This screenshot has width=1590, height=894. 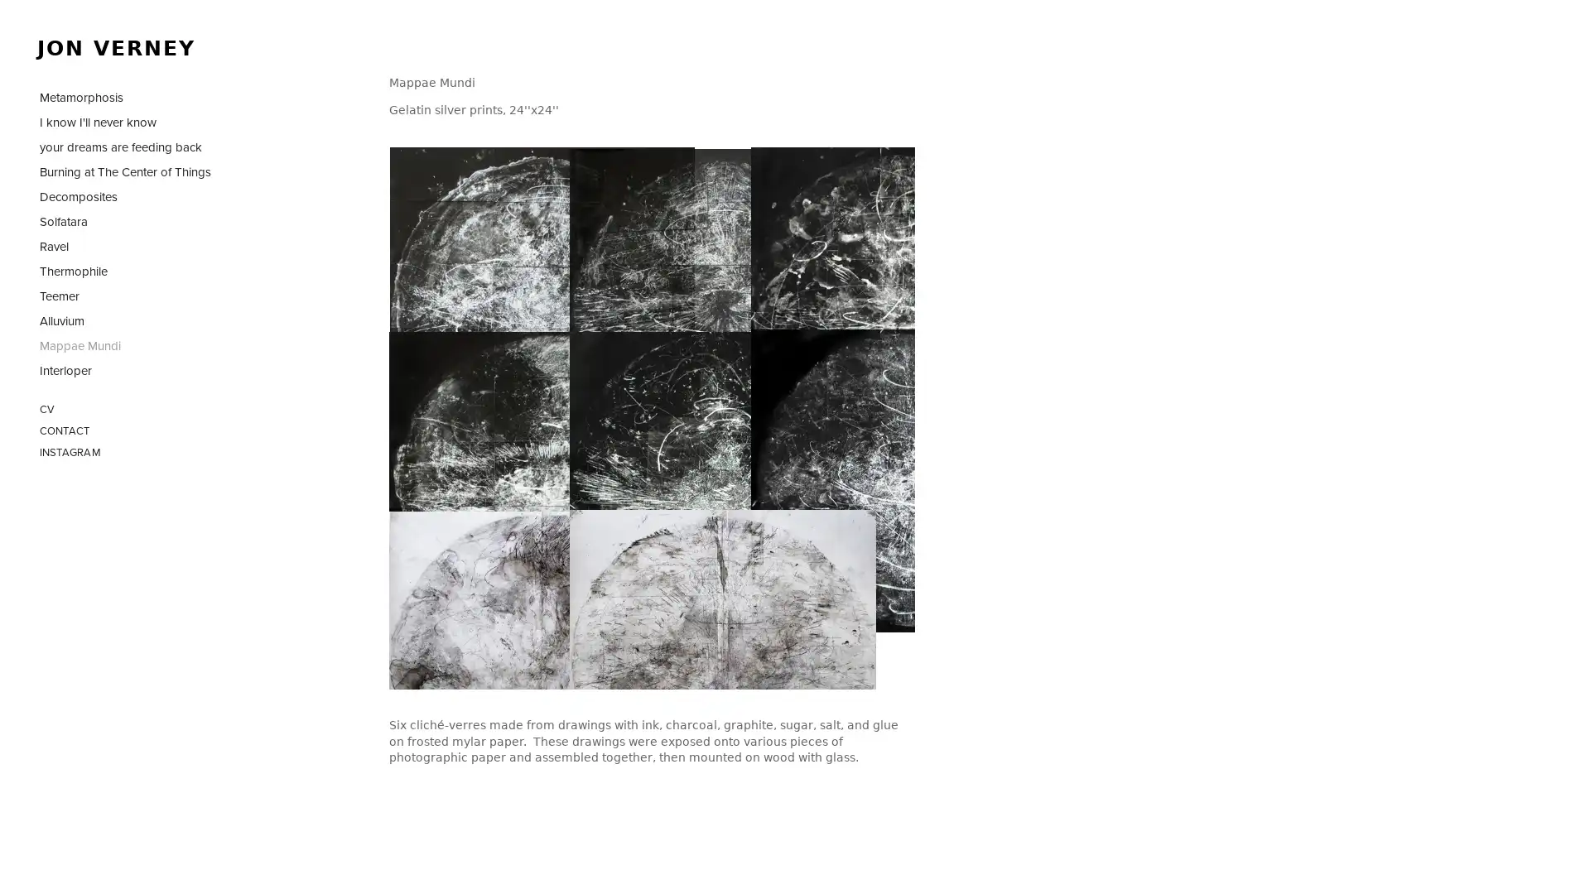 I want to click on View fullsize mundi6+copy.jpg, so click(x=651, y=228).